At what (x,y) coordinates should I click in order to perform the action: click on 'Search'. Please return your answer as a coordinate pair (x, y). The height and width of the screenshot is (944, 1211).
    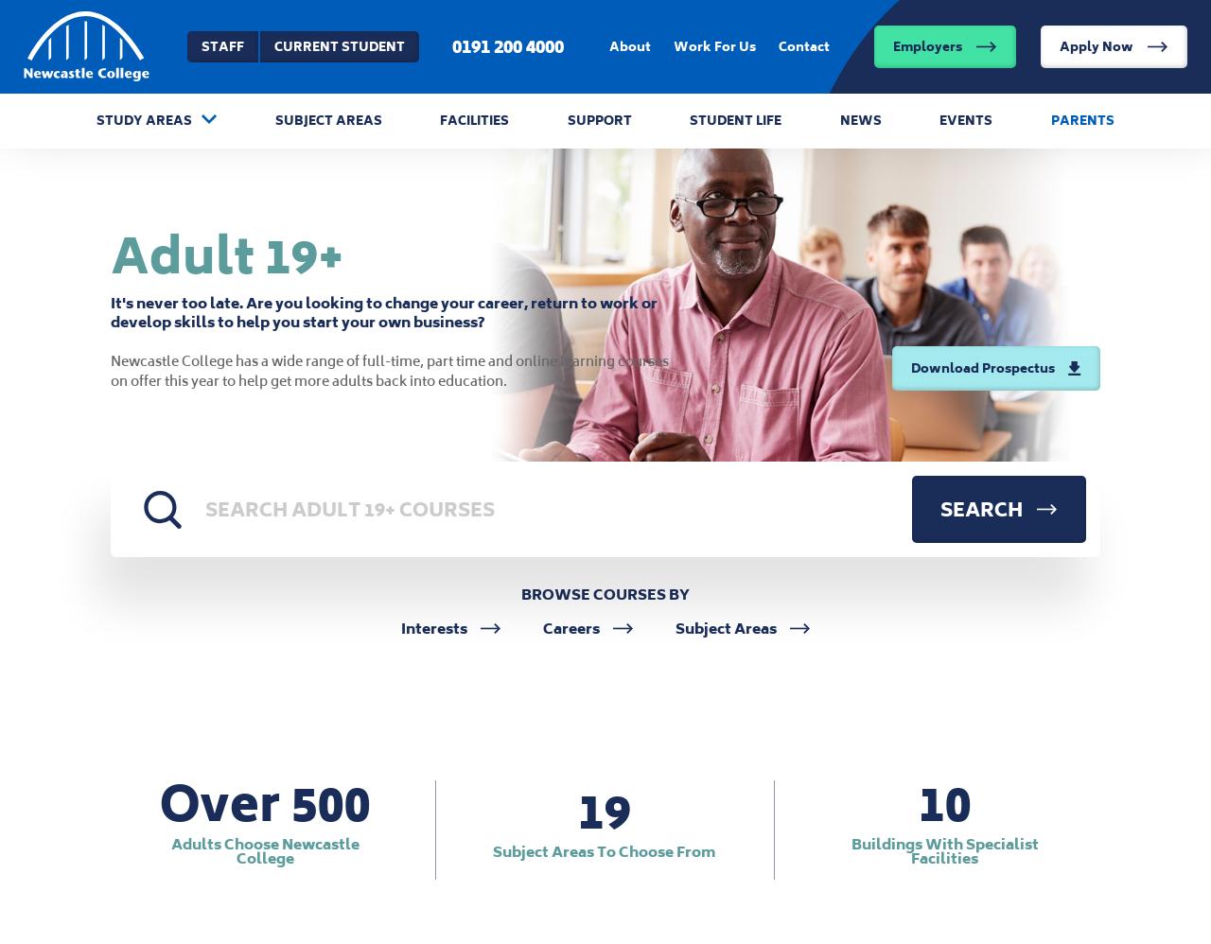
    Looking at the image, I should click on (940, 508).